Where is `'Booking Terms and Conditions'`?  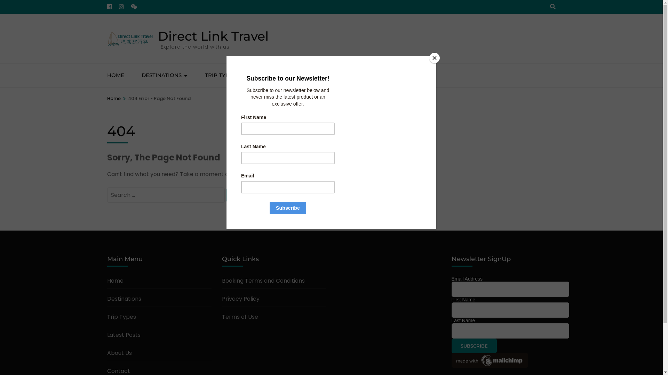 'Booking Terms and Conditions' is located at coordinates (263, 280).